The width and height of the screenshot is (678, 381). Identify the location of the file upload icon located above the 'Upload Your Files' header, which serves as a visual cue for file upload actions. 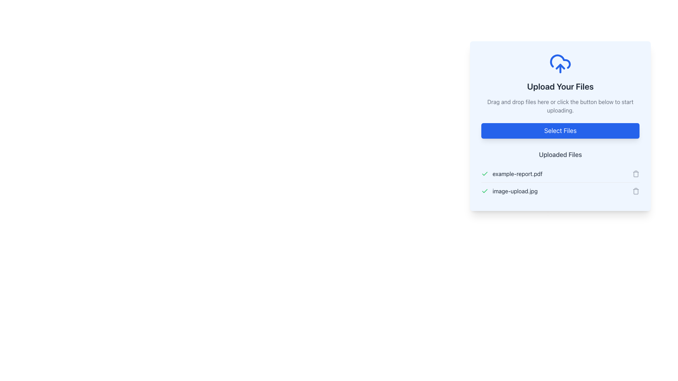
(560, 64).